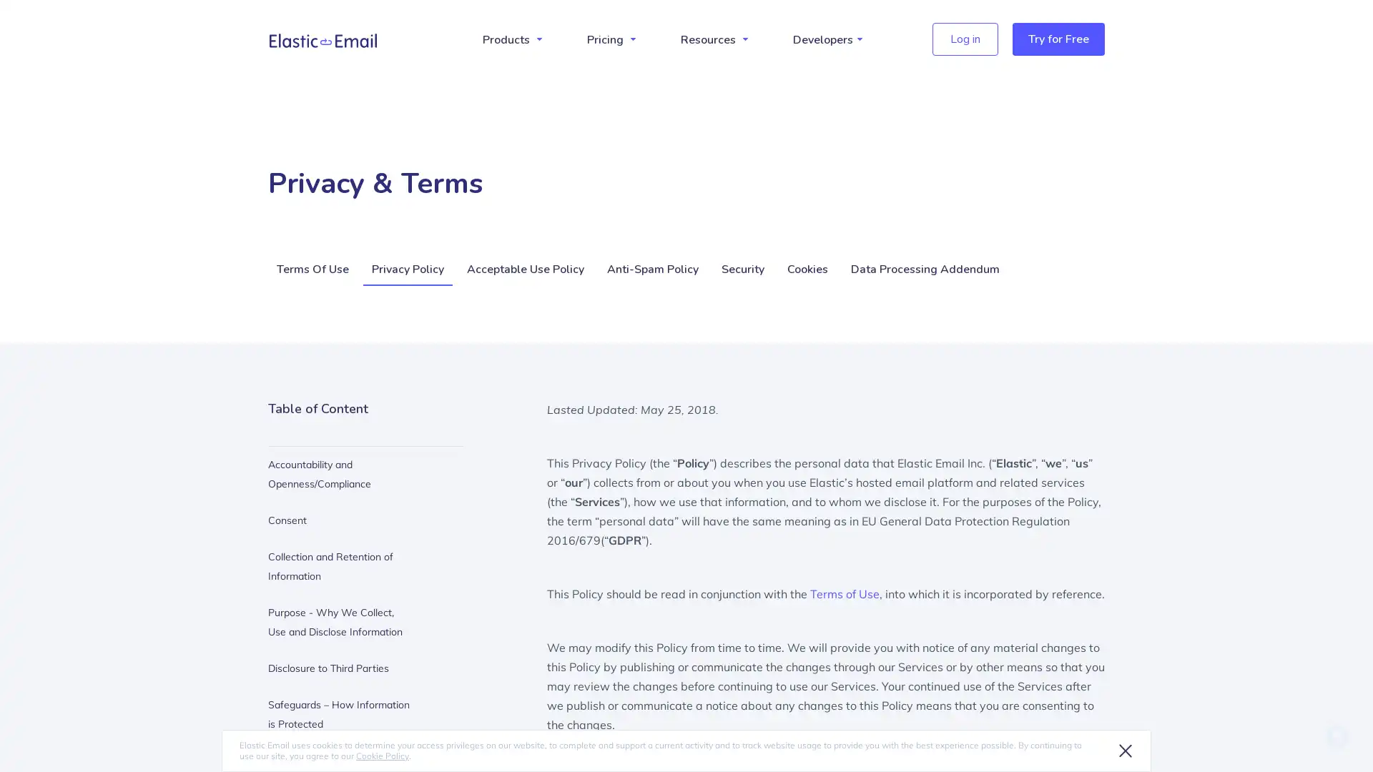  What do you see at coordinates (925, 270) in the screenshot?
I see `Data Processing Addendum` at bounding box center [925, 270].